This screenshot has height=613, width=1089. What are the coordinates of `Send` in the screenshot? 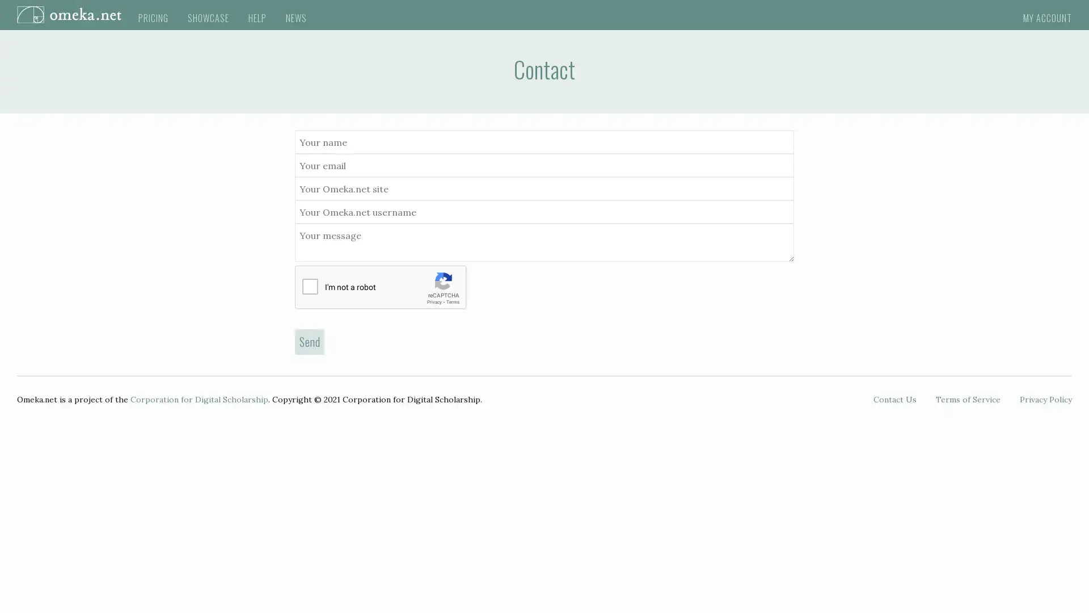 It's located at (310, 341).